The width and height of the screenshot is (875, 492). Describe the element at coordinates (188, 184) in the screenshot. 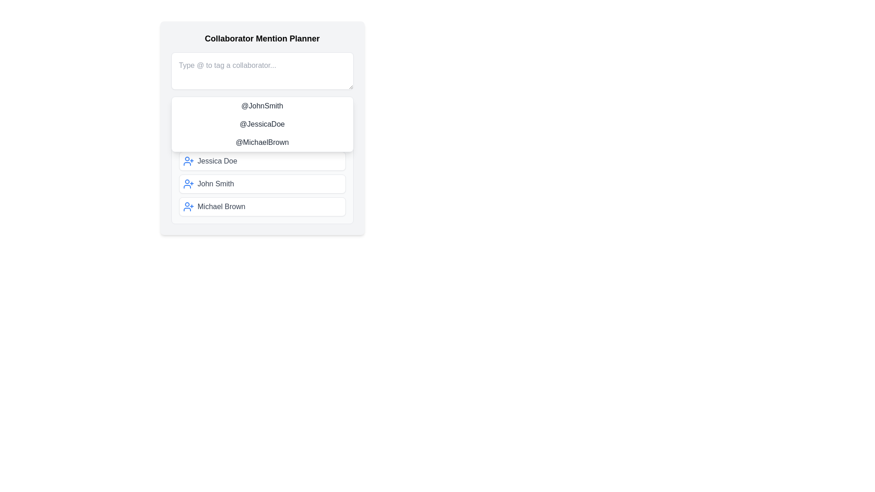

I see `the user icon with a '+' symbol, styled in blue, located next` at that location.